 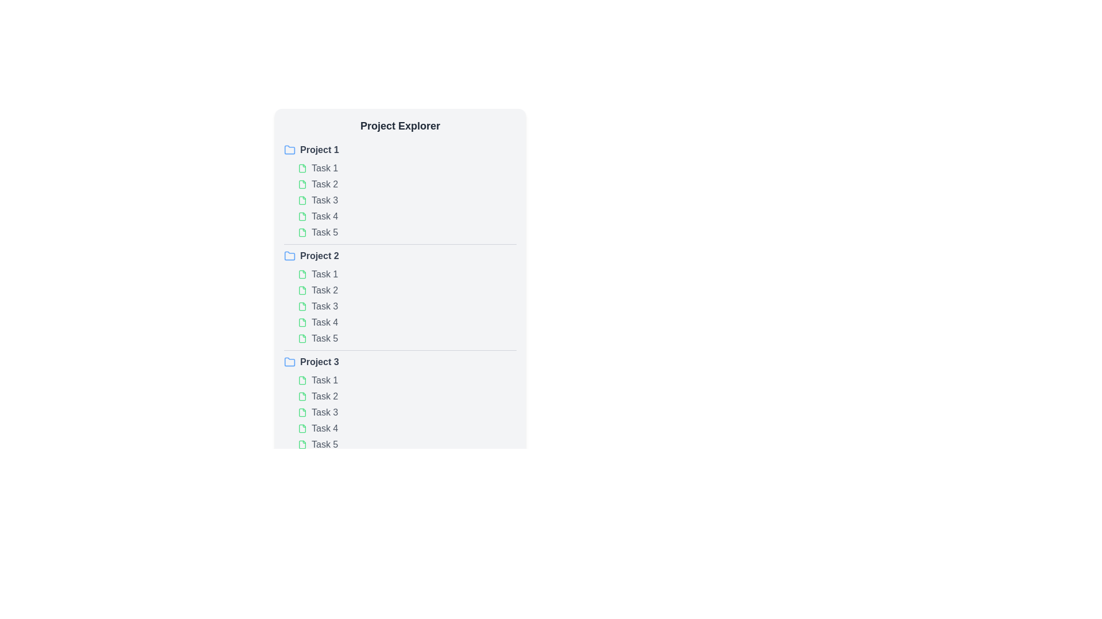 I want to click on the green document icon representing 'Task 1' in 'Project 3' to interact with it, so click(x=302, y=380).